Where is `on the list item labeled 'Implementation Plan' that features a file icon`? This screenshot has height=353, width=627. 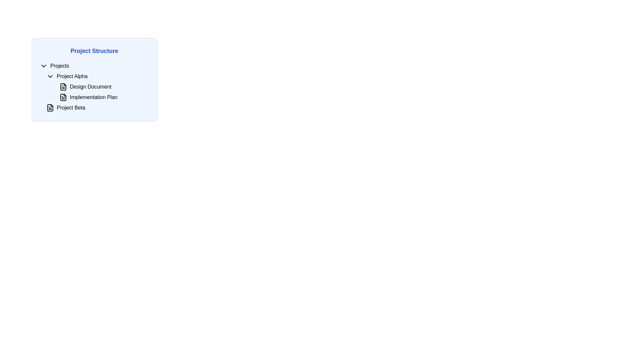
on the list item labeled 'Implementation Plan' that features a file icon is located at coordinates (104, 97).